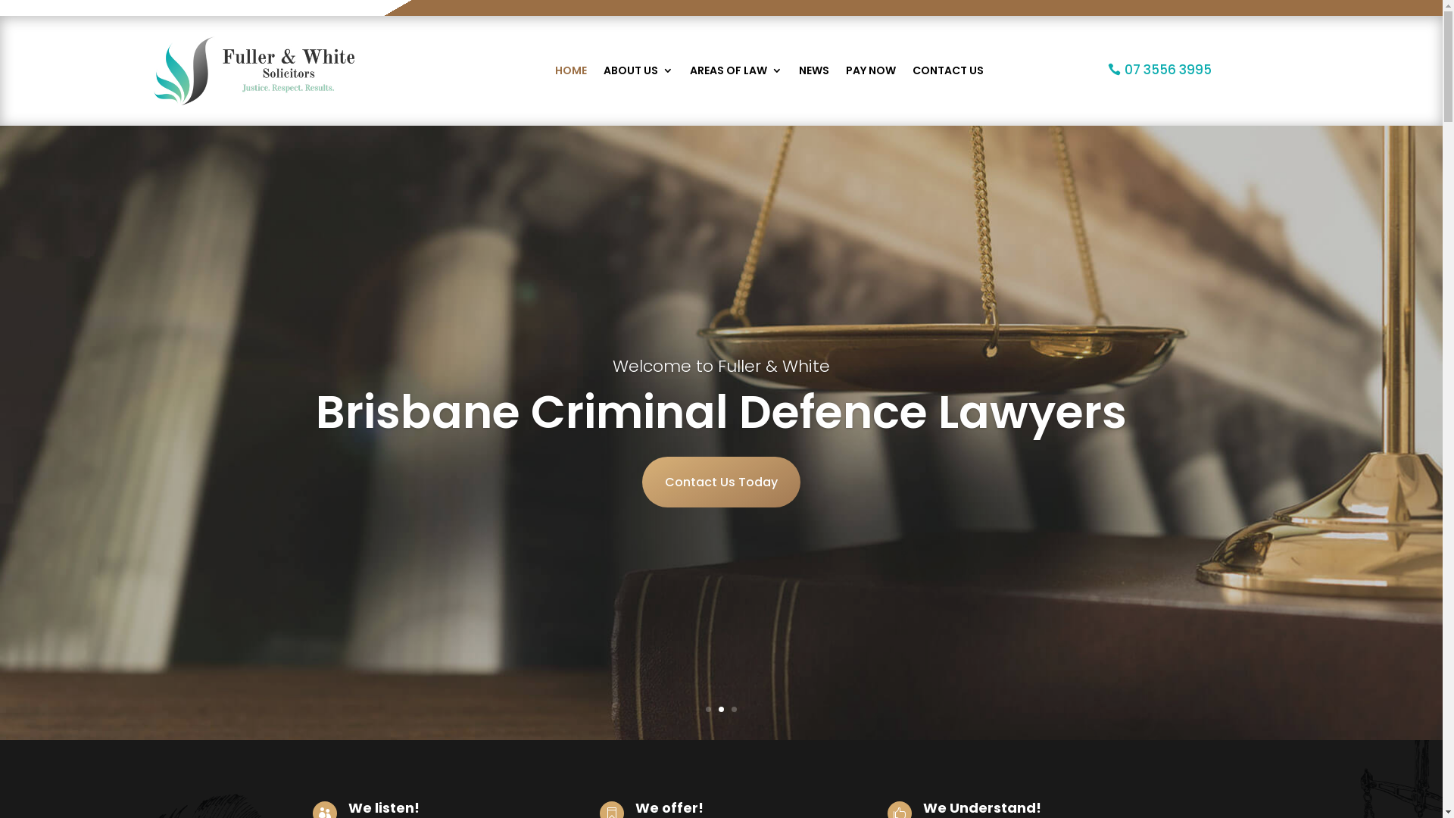 Image resolution: width=1454 pixels, height=818 pixels. Describe the element at coordinates (1159, 70) in the screenshot. I see `'07 3556 3995'` at that location.